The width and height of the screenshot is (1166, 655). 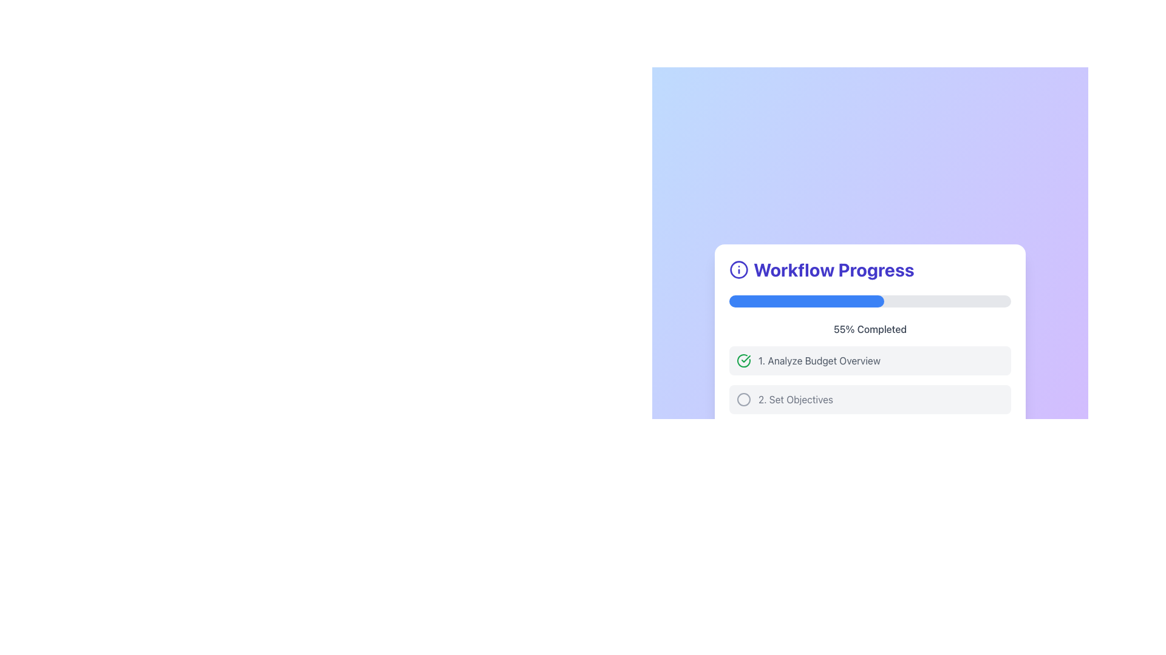 What do you see at coordinates (833, 269) in the screenshot?
I see `the bold and prominent text label displaying 'Workflow Progress' in dark blue, located towards the top-left of the content pane` at bounding box center [833, 269].